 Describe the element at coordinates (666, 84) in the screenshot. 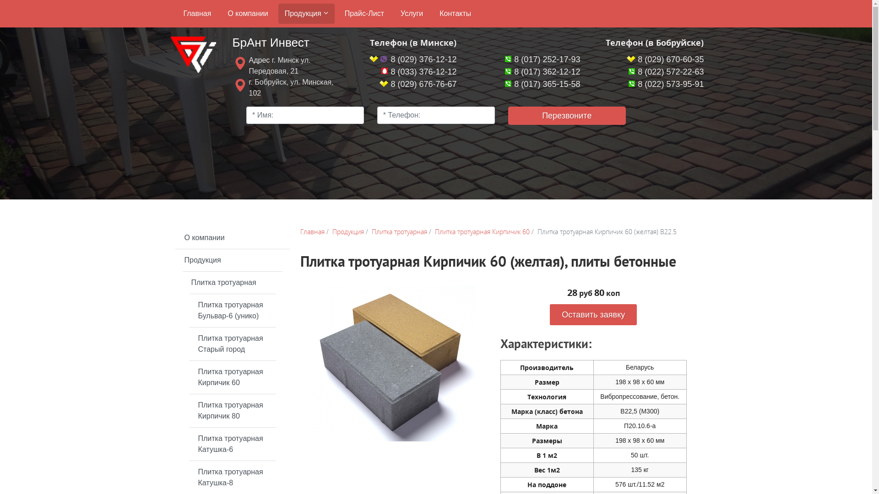

I see `'8 (022) 573-95-91'` at that location.